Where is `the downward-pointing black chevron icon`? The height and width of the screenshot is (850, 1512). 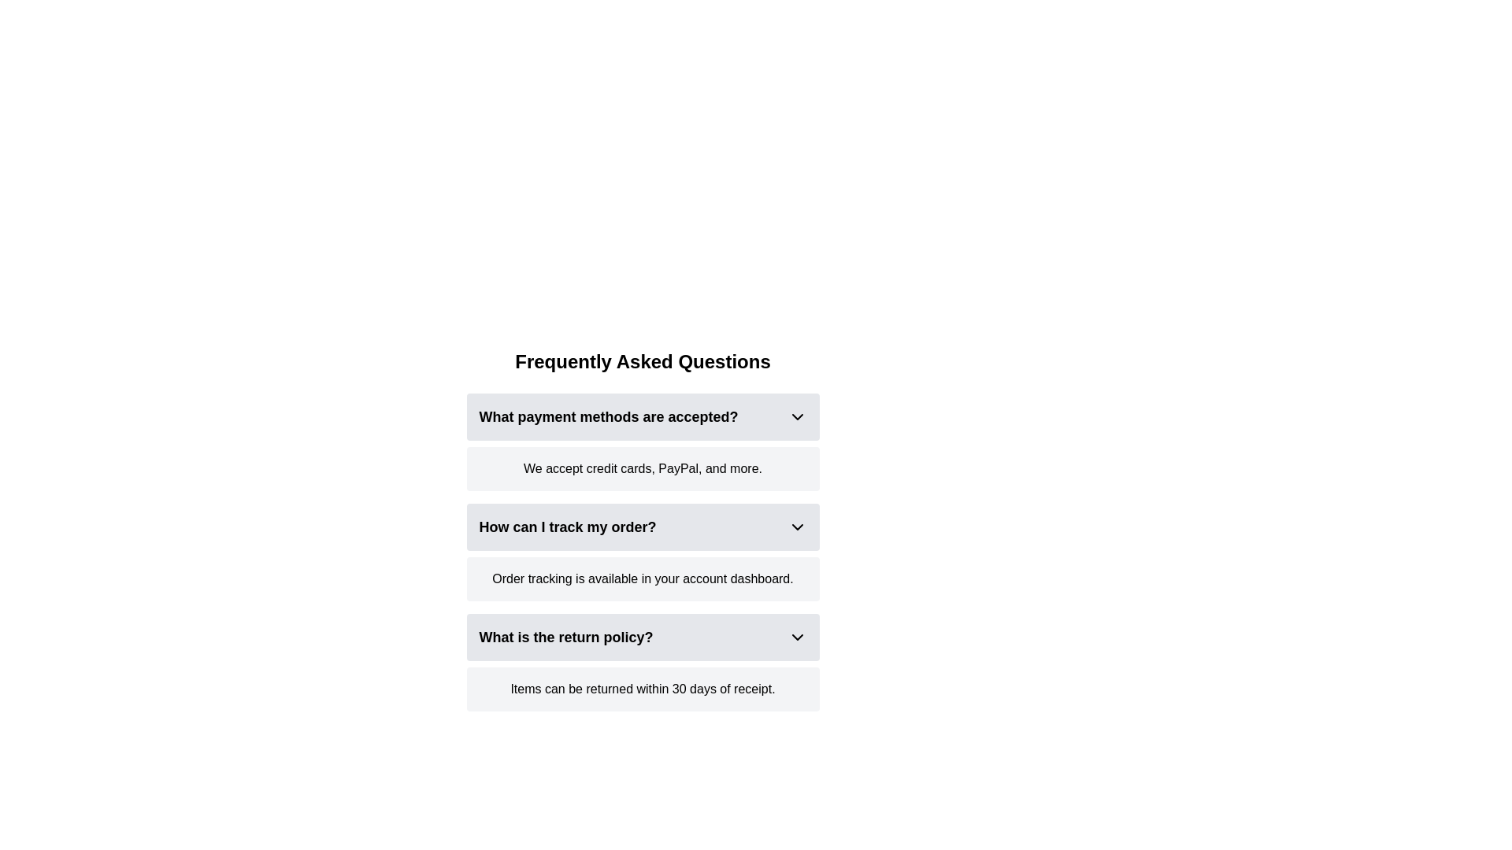 the downward-pointing black chevron icon is located at coordinates (797, 527).